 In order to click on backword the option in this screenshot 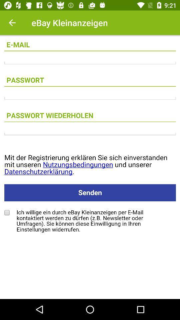, I will do `click(12, 23)`.